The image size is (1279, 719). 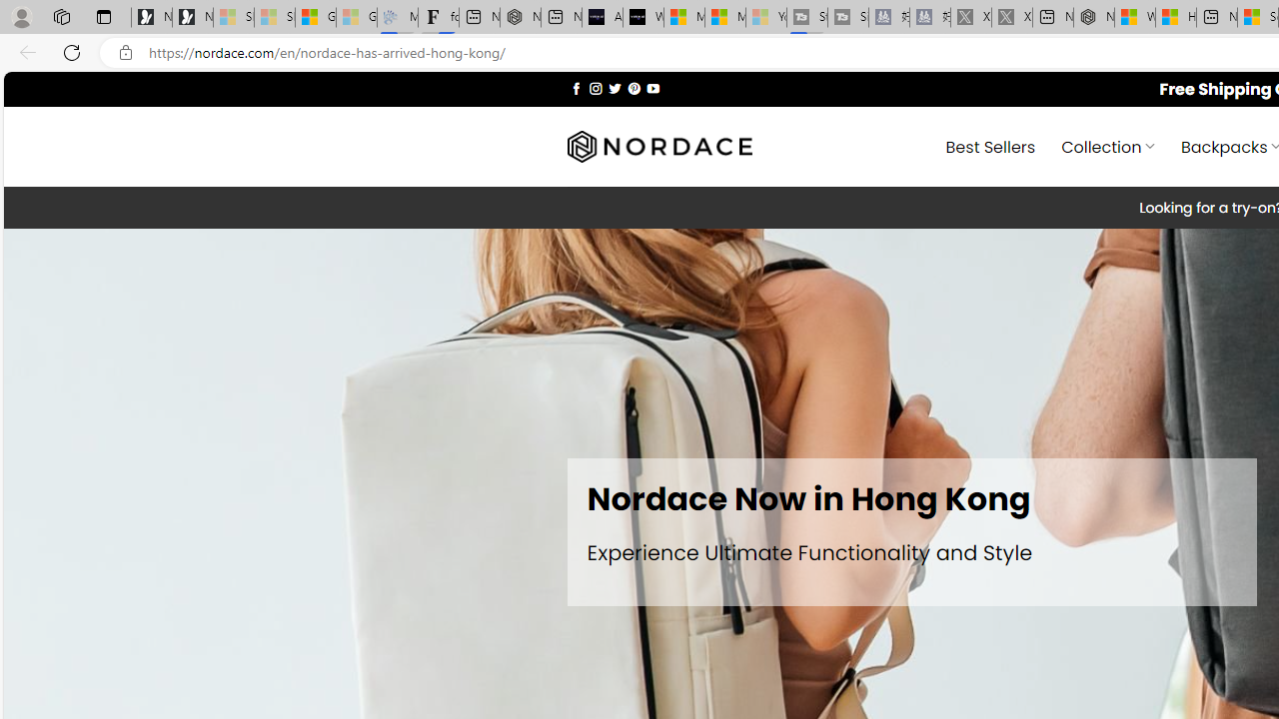 What do you see at coordinates (192, 17) in the screenshot?
I see `'Newsletter Sign Up'` at bounding box center [192, 17].